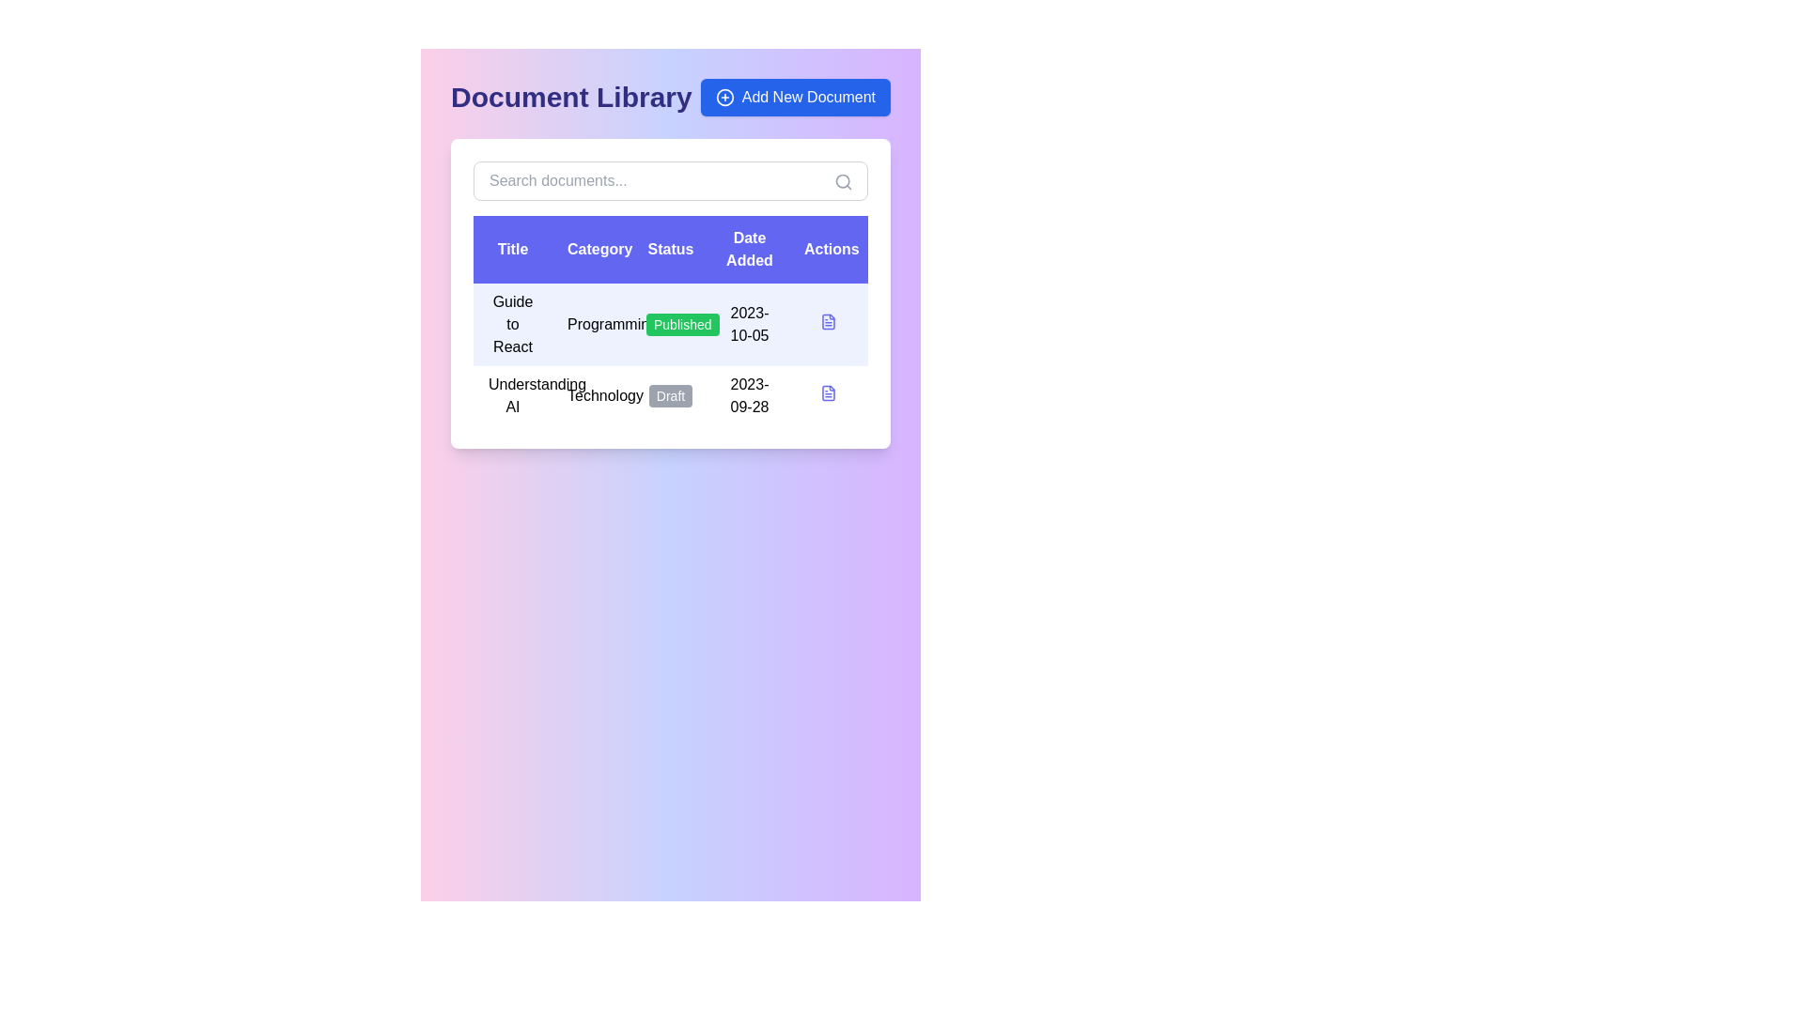  What do you see at coordinates (671, 324) in the screenshot?
I see `the green, rounded rectangle label containing the text 'Published' in the 'Status' column of the first row in the 'Document Library' interface, which corresponds to the document titled 'Guide to React'` at bounding box center [671, 324].